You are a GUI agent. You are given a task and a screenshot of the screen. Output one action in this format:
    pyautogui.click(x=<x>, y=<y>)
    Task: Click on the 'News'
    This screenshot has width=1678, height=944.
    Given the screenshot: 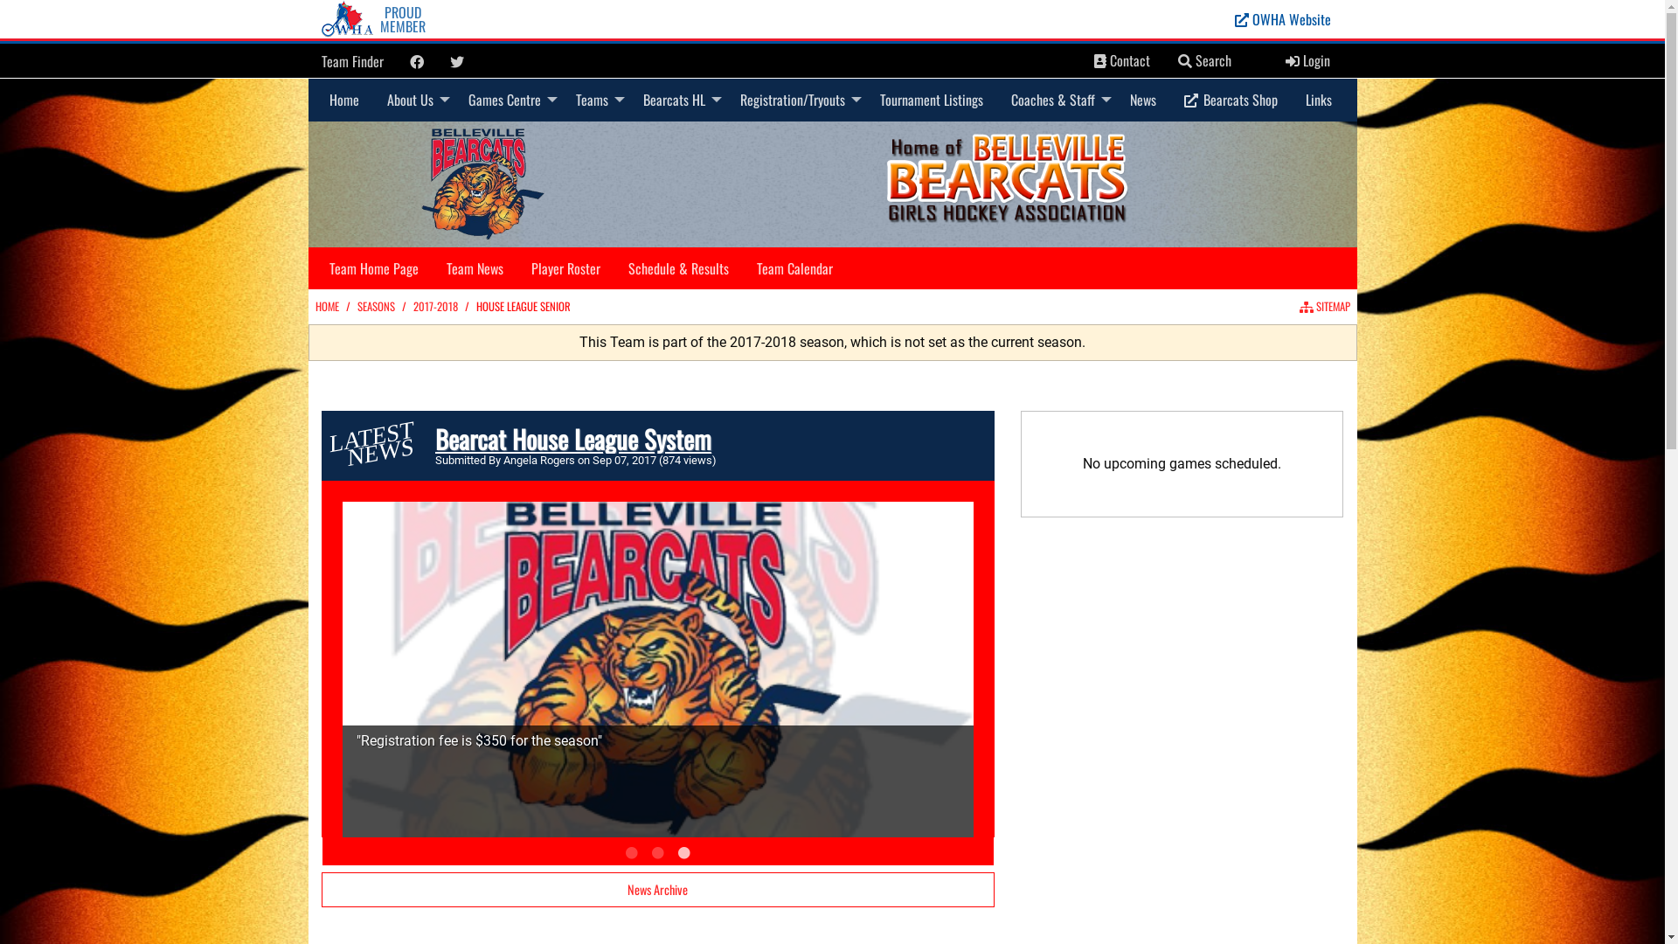 What is the action you would take?
    pyautogui.click(x=1141, y=100)
    